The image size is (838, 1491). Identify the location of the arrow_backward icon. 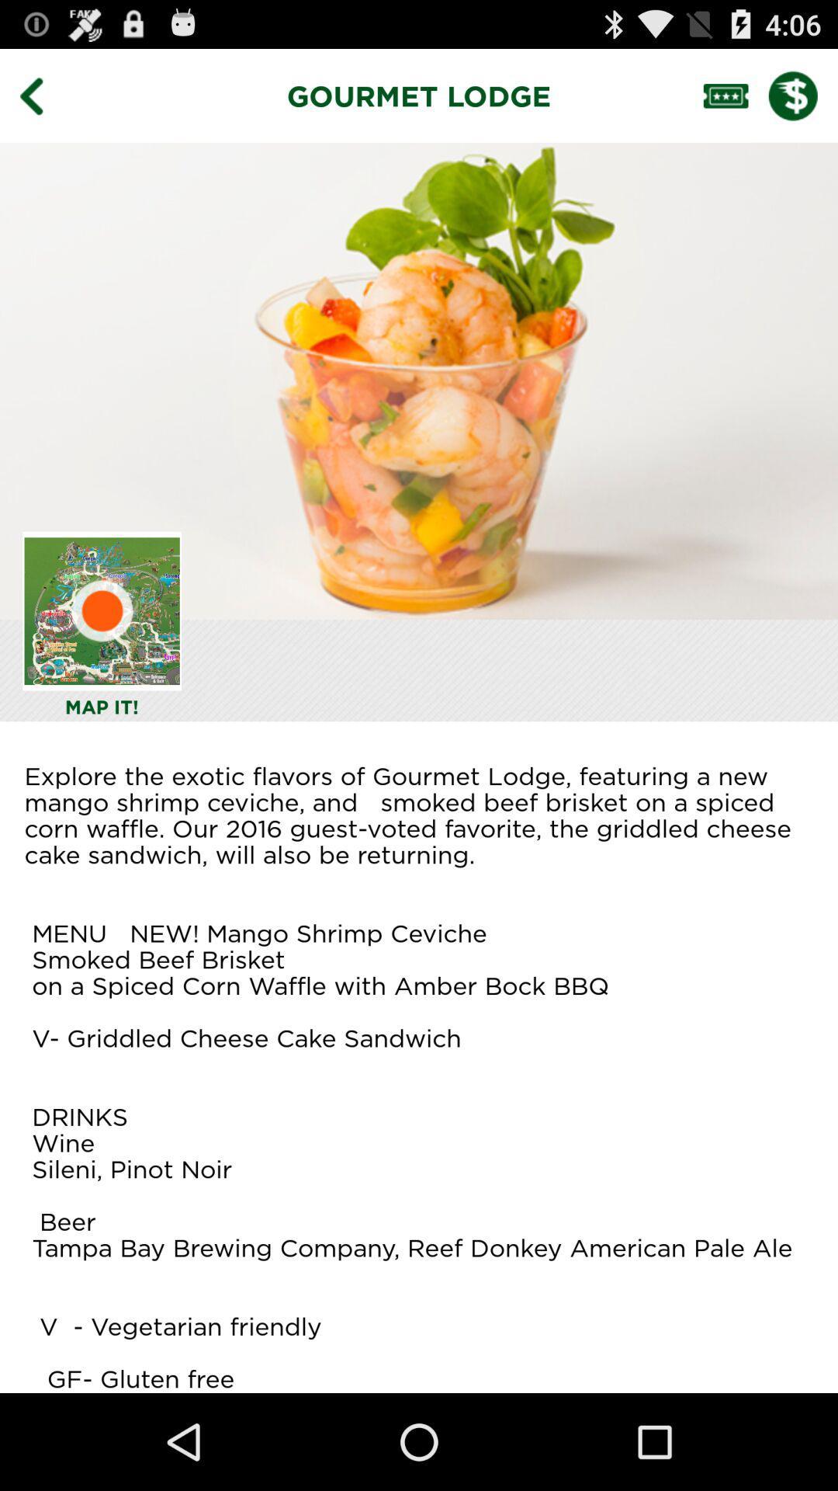
(42, 102).